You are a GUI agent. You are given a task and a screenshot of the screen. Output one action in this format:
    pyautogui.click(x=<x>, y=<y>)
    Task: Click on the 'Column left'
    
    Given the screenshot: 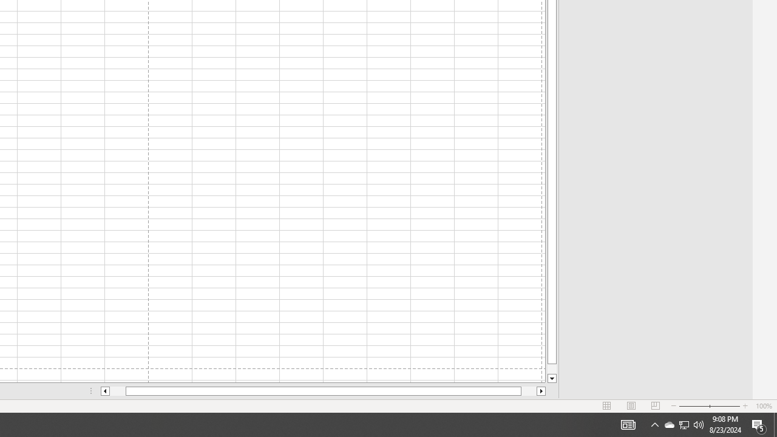 What is the action you would take?
    pyautogui.click(x=104, y=391)
    